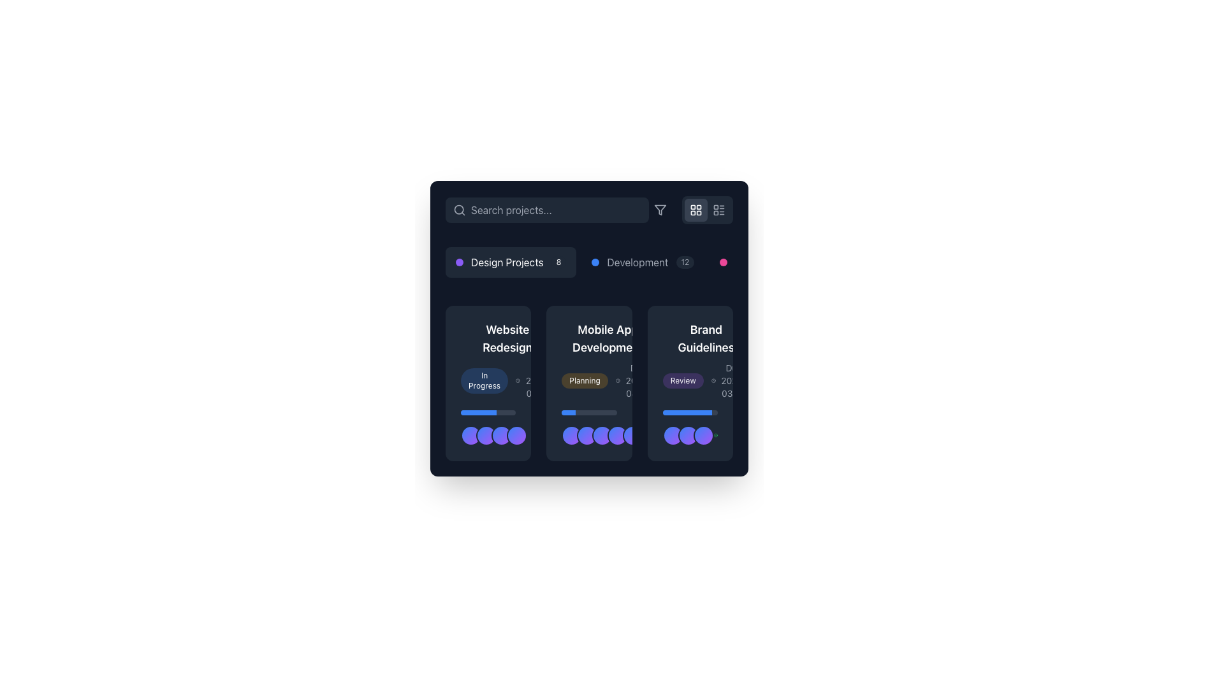 The image size is (1224, 688). What do you see at coordinates (689, 434) in the screenshot?
I see `across the icons in the Icon set with status indicator located at the bottom of the 'Brand Guidelines' card` at bounding box center [689, 434].